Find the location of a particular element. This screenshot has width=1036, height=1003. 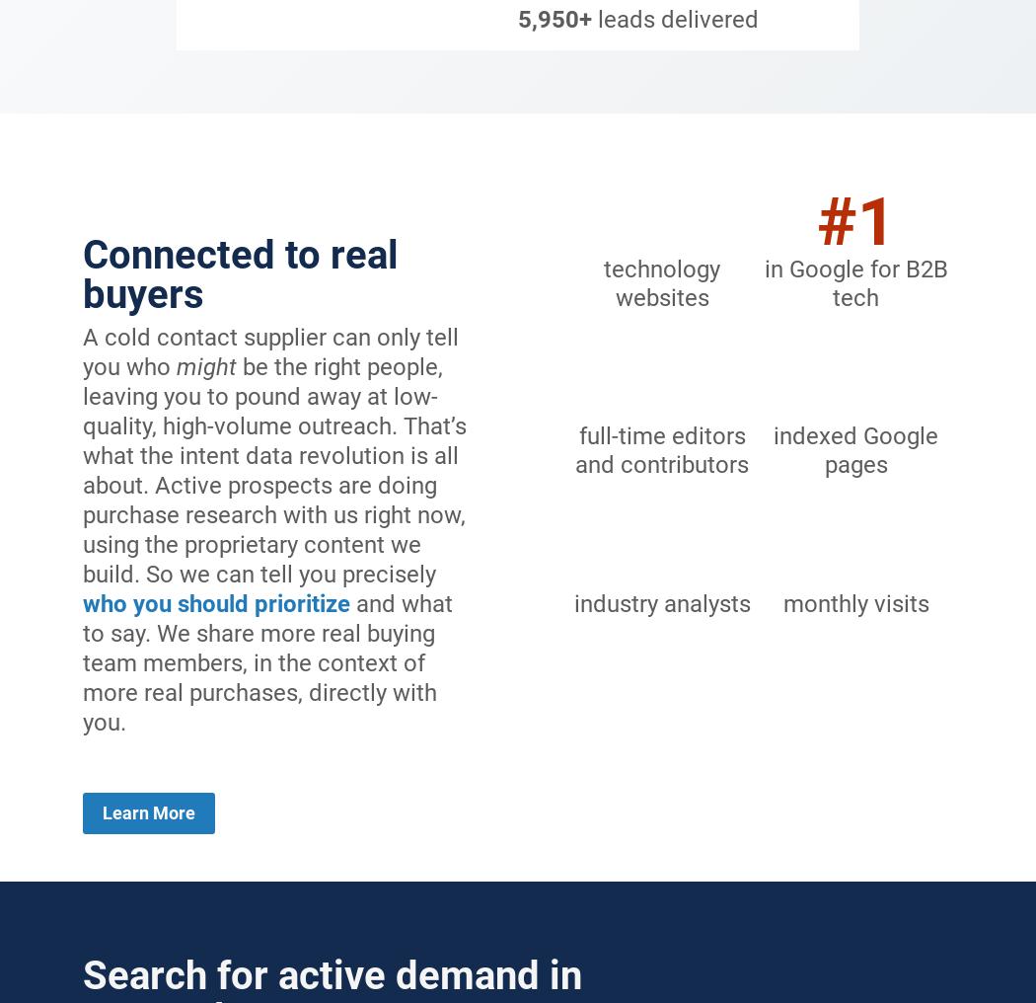

'indexed Google pages' is located at coordinates (854, 450).